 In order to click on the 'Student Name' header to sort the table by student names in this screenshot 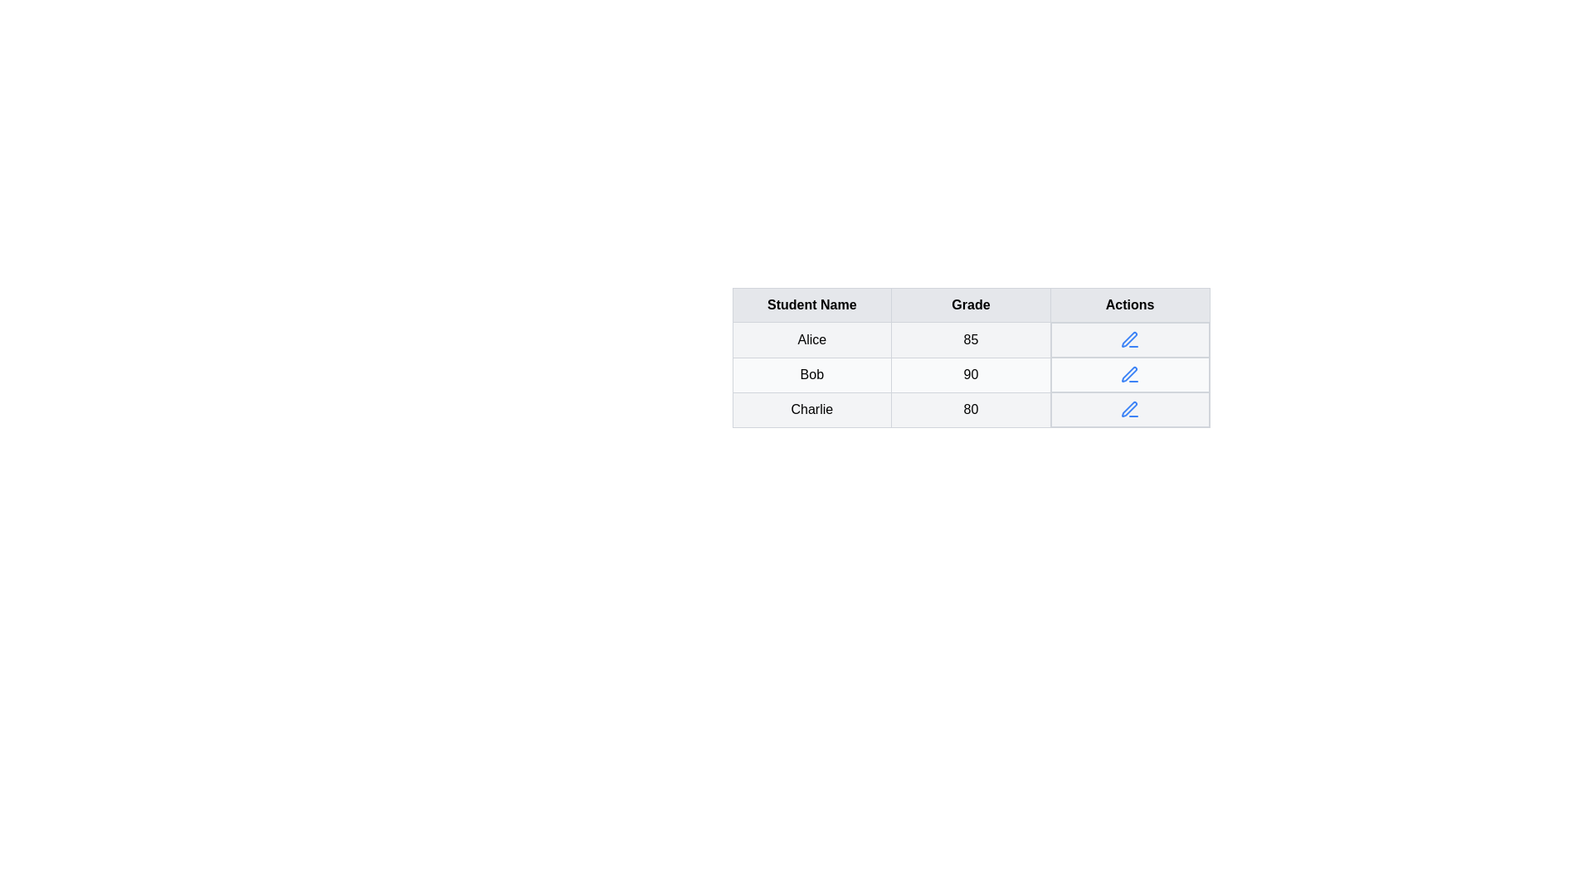, I will do `click(811, 304)`.